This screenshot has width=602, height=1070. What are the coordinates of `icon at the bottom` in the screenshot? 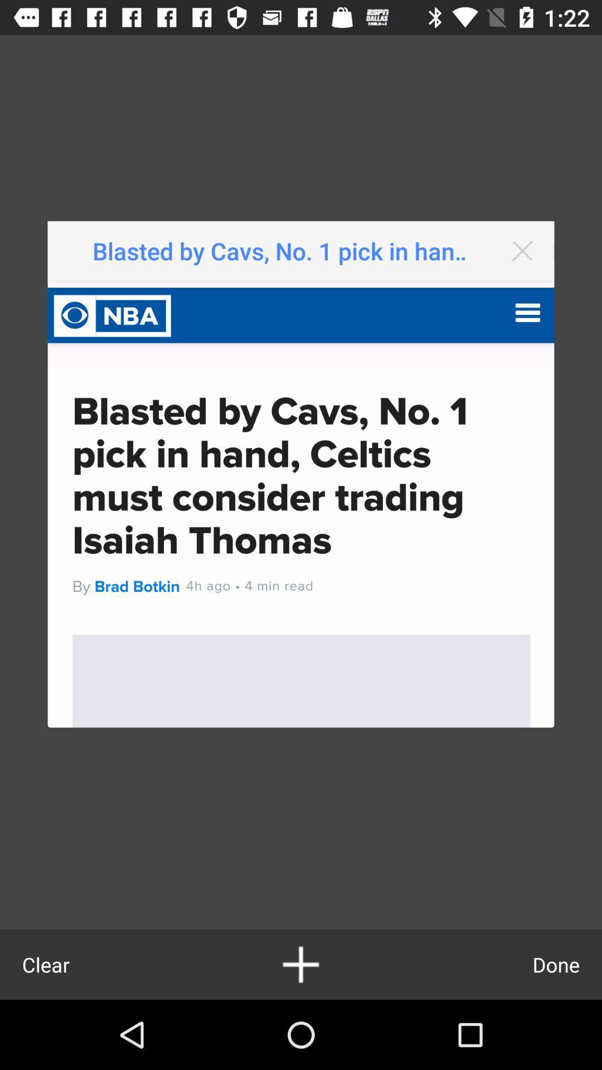 It's located at (301, 964).